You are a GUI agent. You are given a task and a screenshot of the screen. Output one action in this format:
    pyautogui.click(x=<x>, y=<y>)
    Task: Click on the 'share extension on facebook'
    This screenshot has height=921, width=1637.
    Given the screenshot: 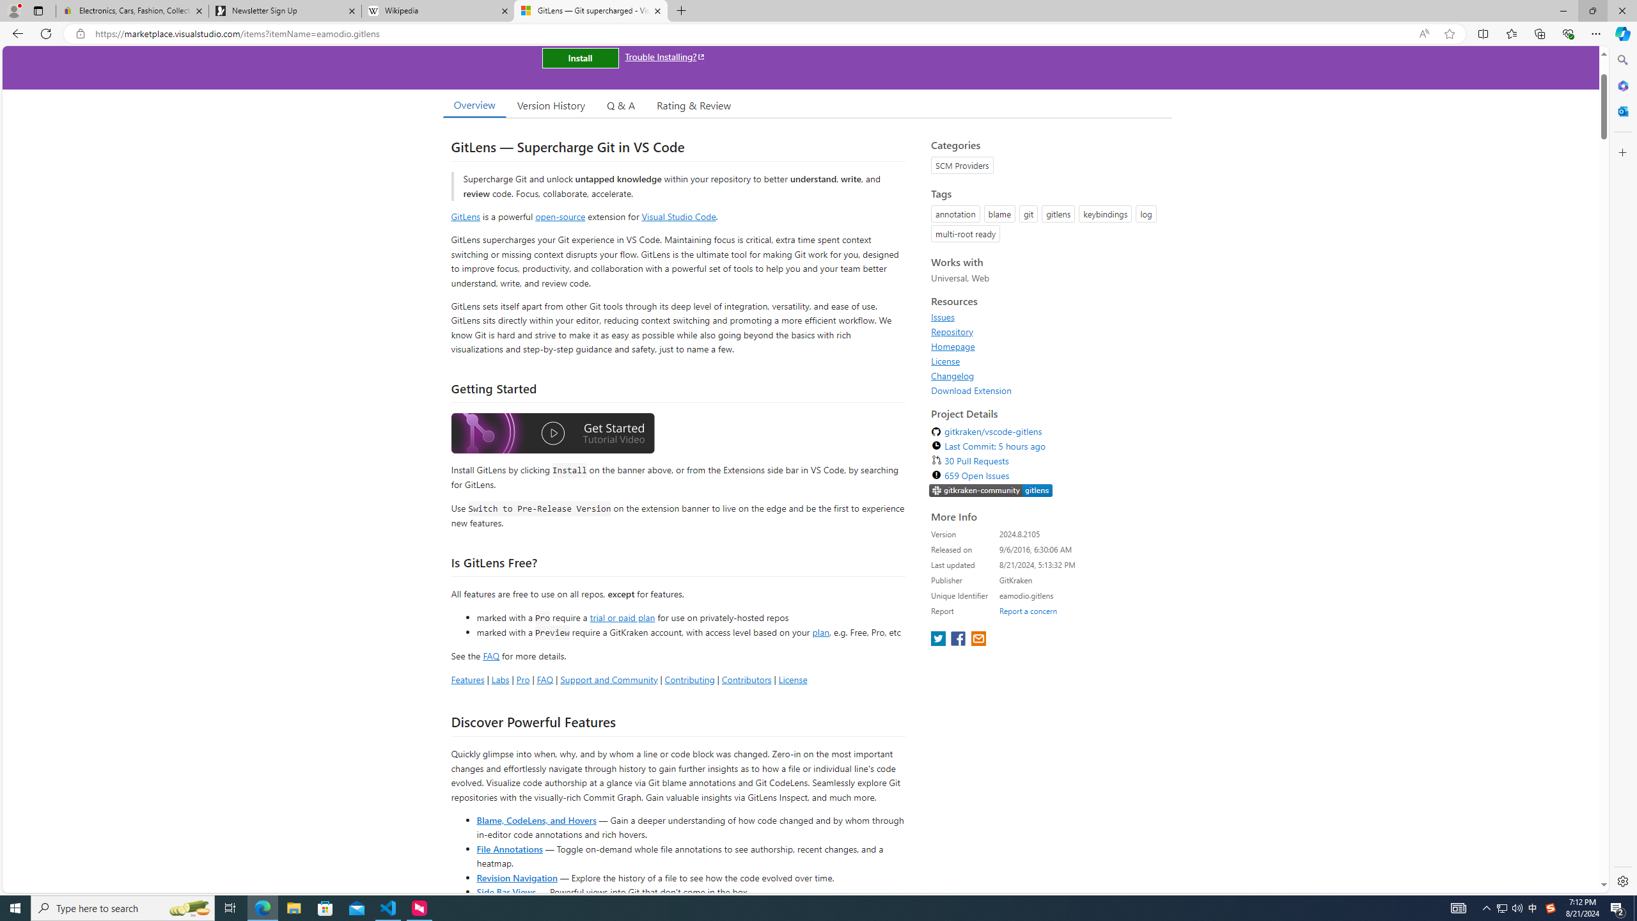 What is the action you would take?
    pyautogui.click(x=959, y=639)
    